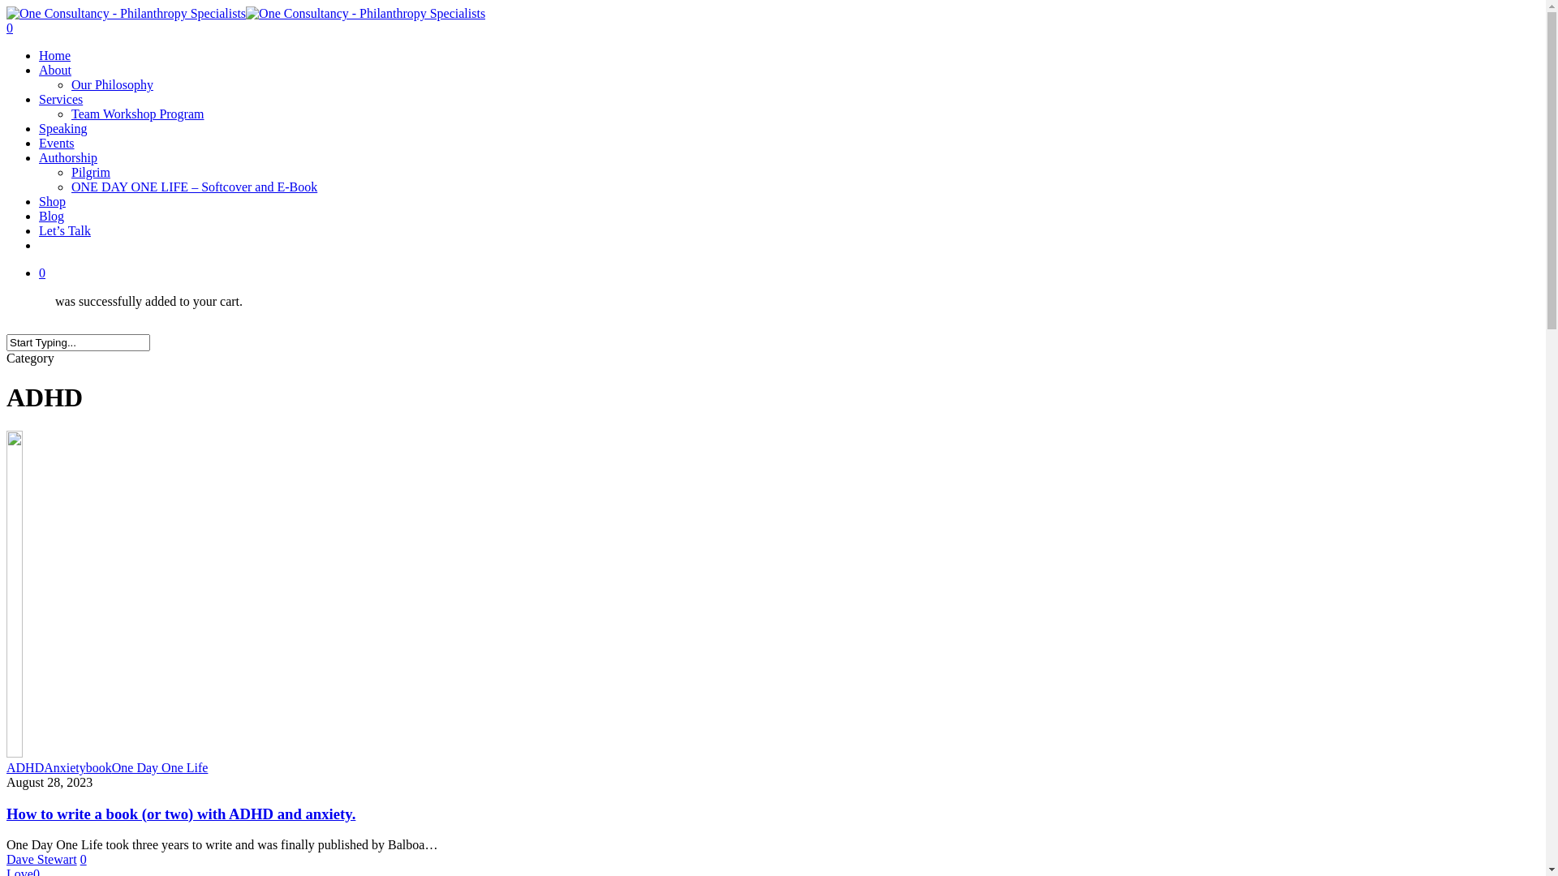  What do you see at coordinates (1513, 31) in the screenshot?
I see `'Close Menu'` at bounding box center [1513, 31].